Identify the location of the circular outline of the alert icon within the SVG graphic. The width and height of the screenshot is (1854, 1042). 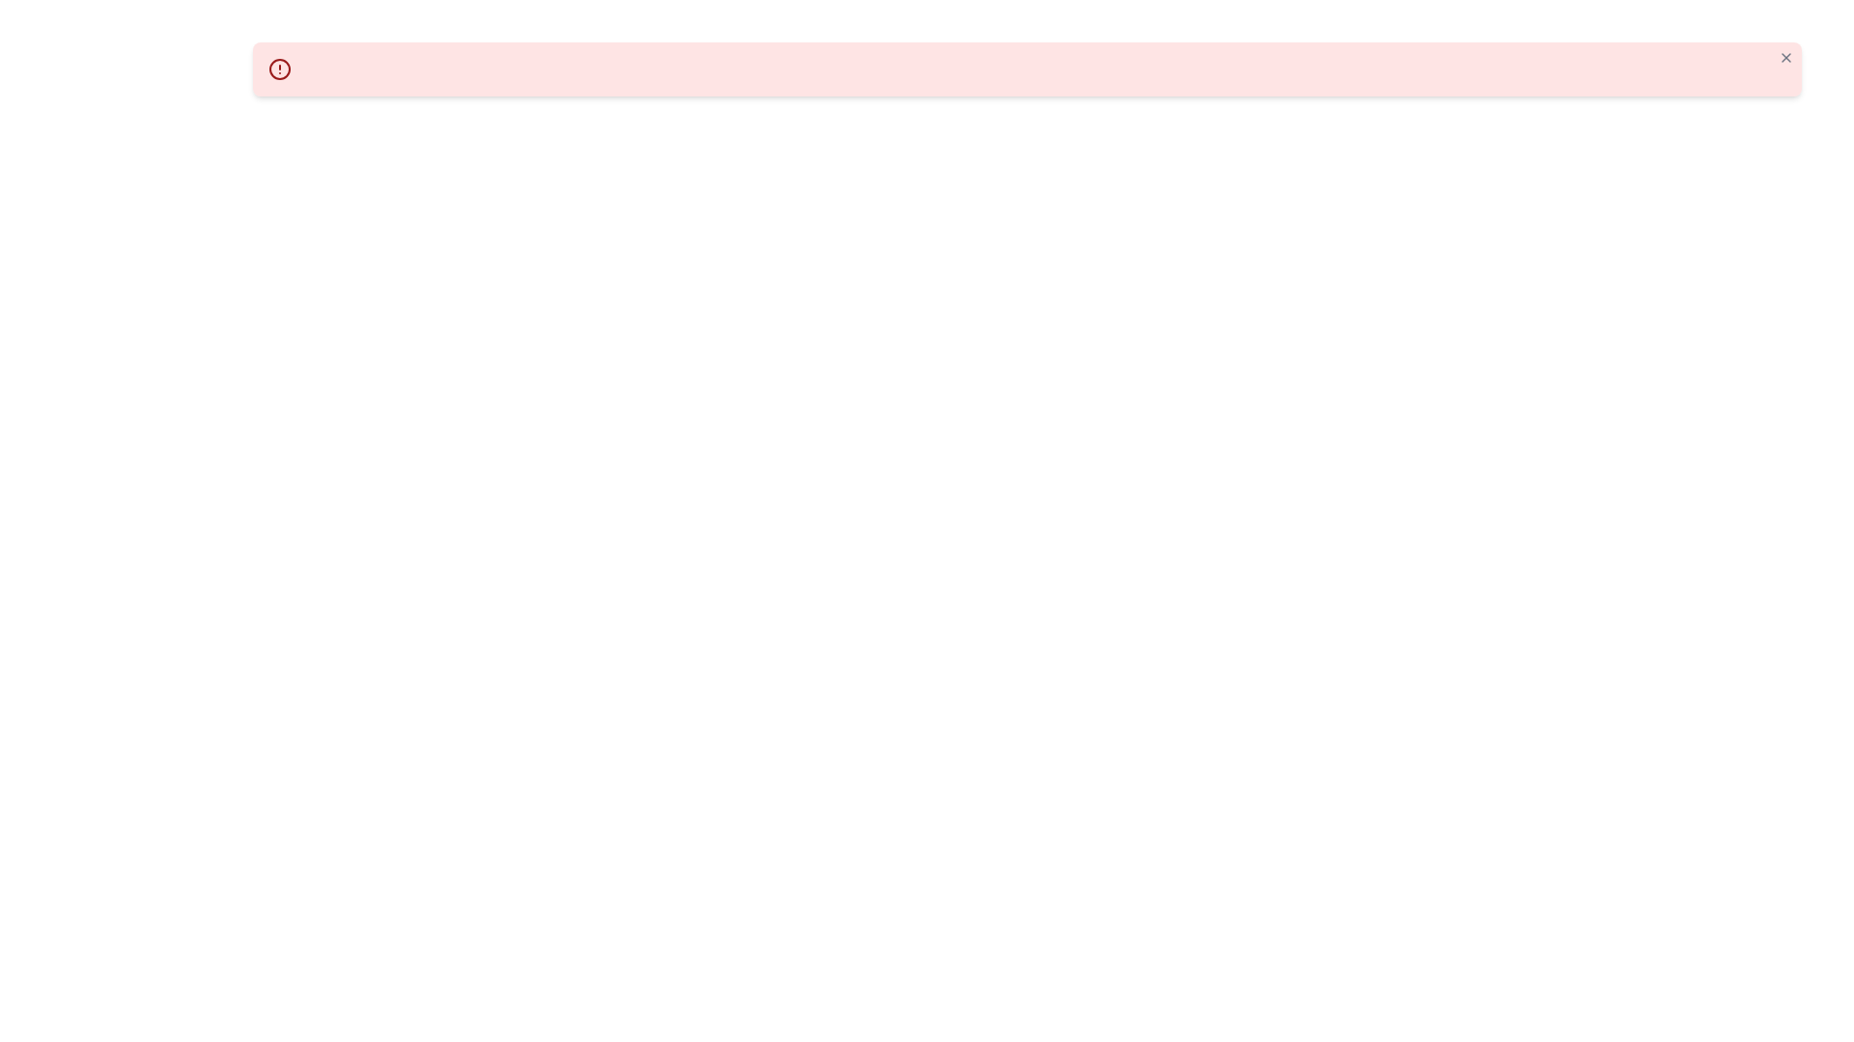
(278, 69).